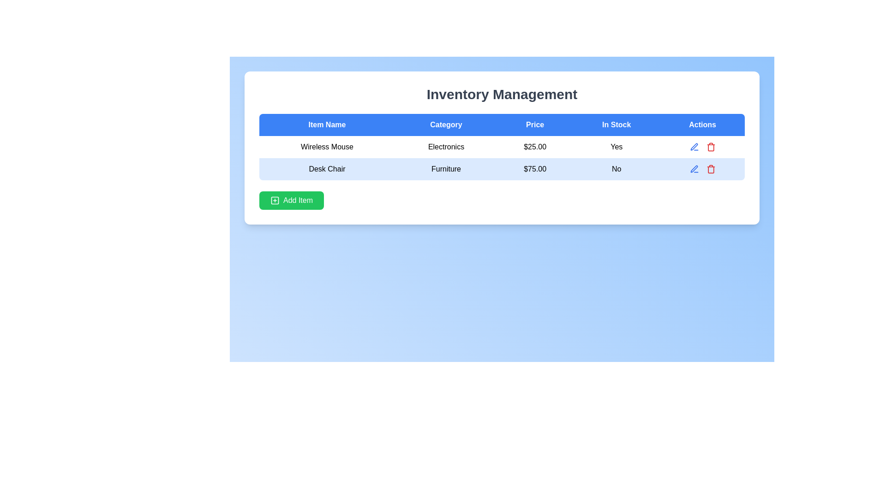 The height and width of the screenshot is (498, 886). Describe the element at coordinates (274, 200) in the screenshot. I see `the green square icon with a plus sign located to the left of the text 'Add Item' within the button` at that location.